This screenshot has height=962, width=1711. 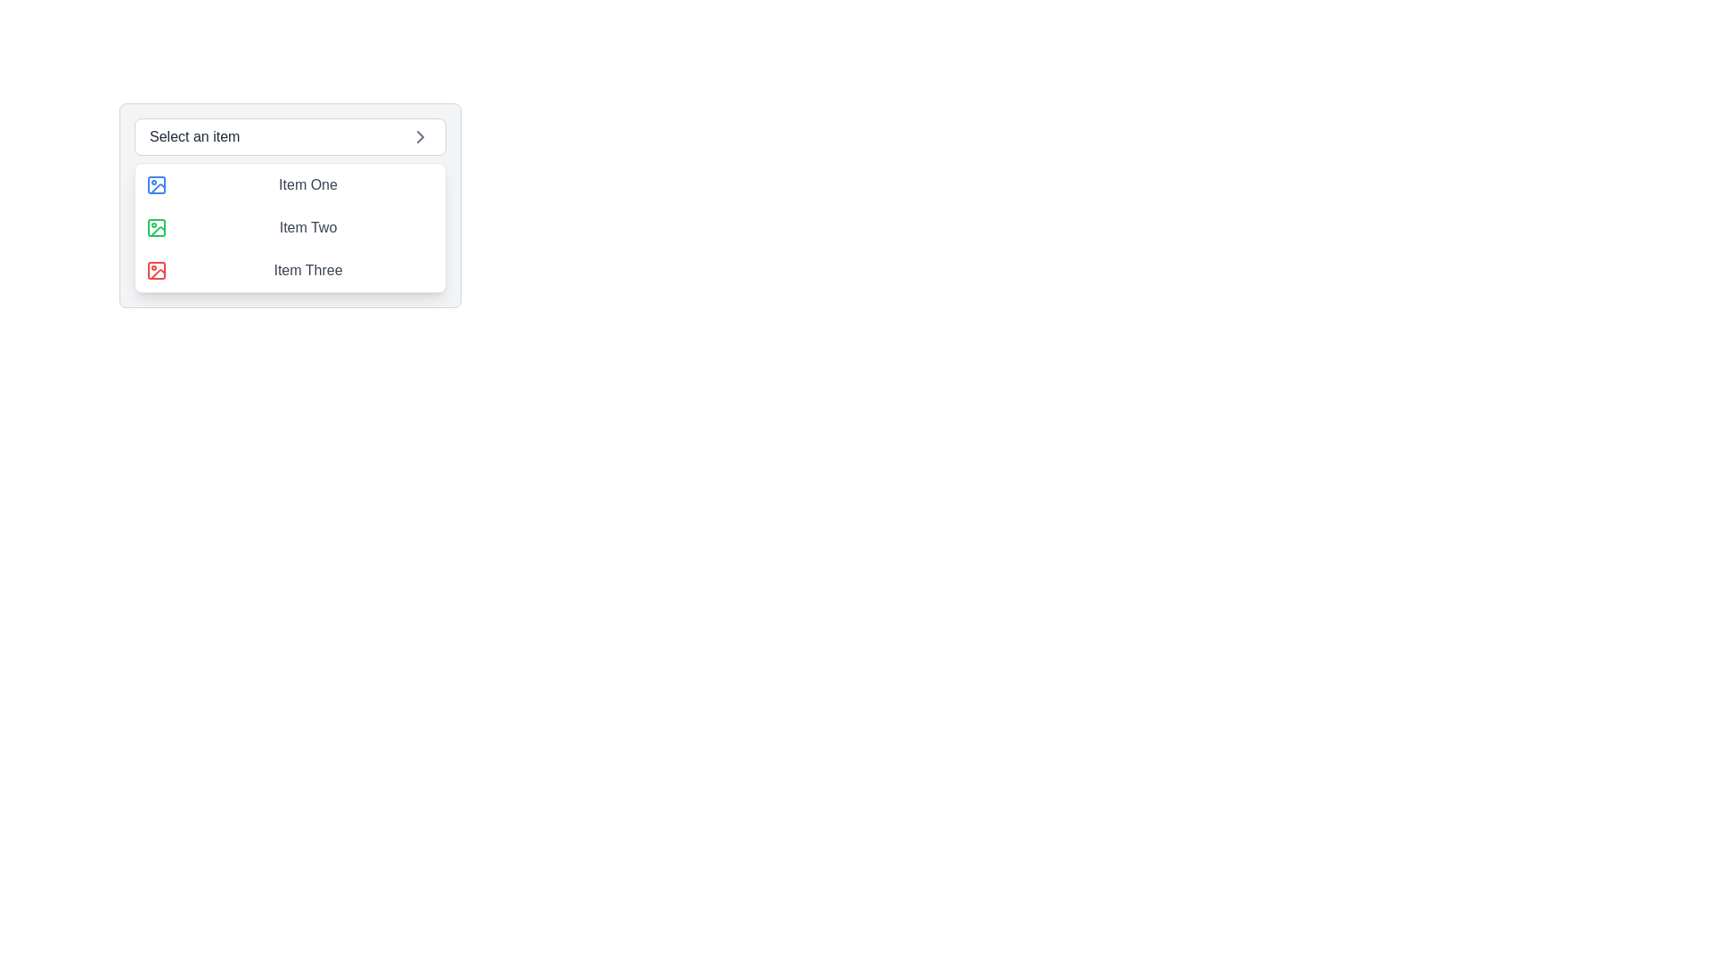 What do you see at coordinates (291, 226) in the screenshot?
I see `the second item in the dropdown menu labeled 'Item Two'` at bounding box center [291, 226].